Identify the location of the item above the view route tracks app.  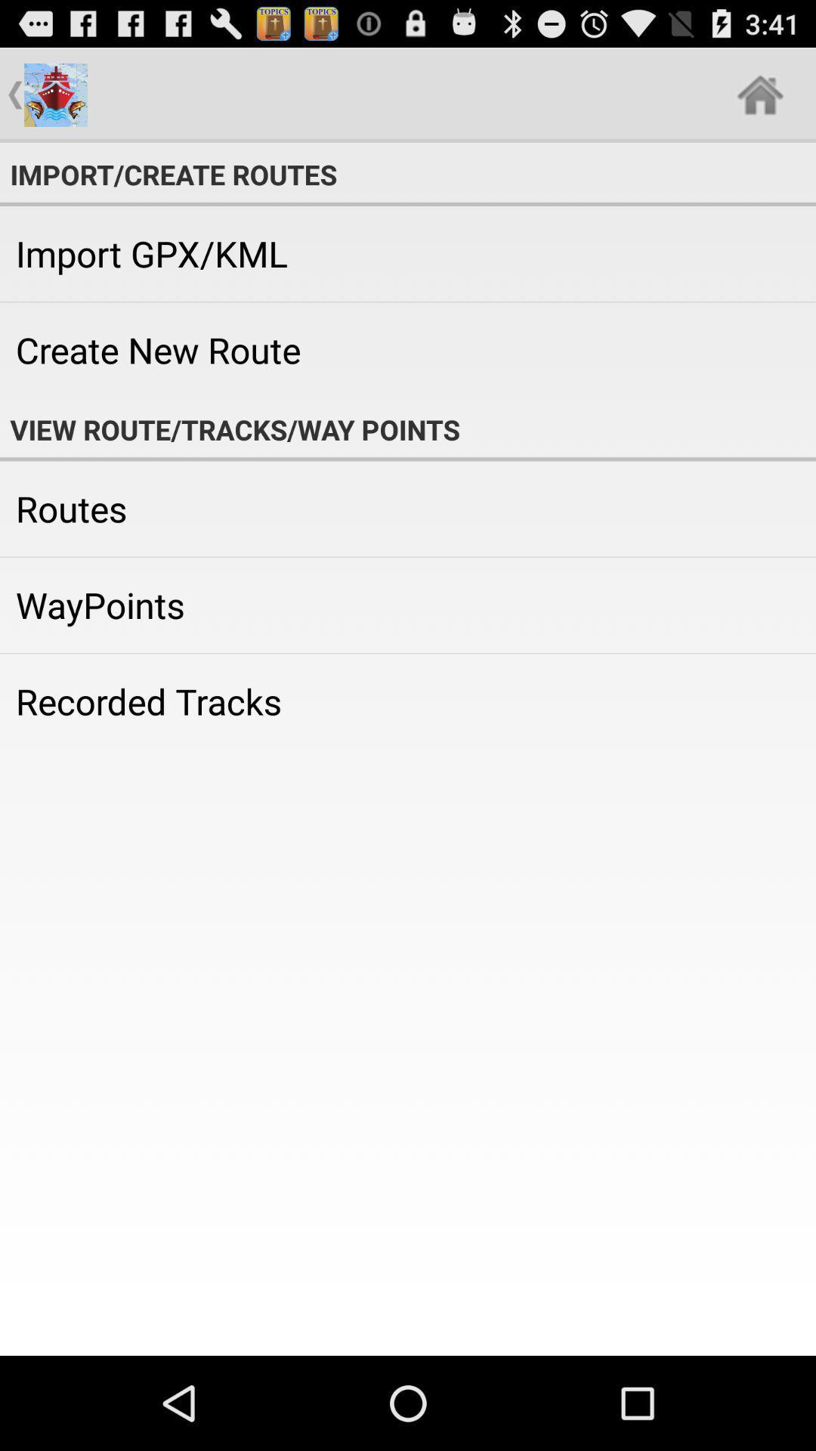
(408, 349).